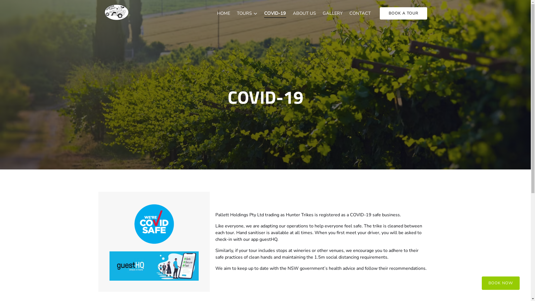 The width and height of the screenshot is (535, 301). Describe the element at coordinates (223, 13) in the screenshot. I see `'HOME'` at that location.